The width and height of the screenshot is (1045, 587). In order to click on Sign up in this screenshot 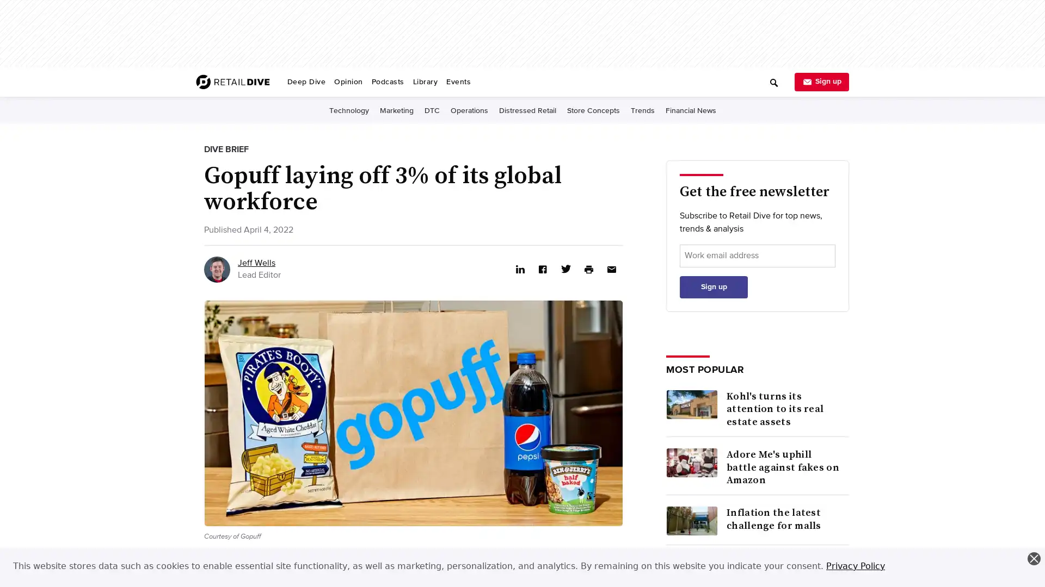, I will do `click(714, 286)`.